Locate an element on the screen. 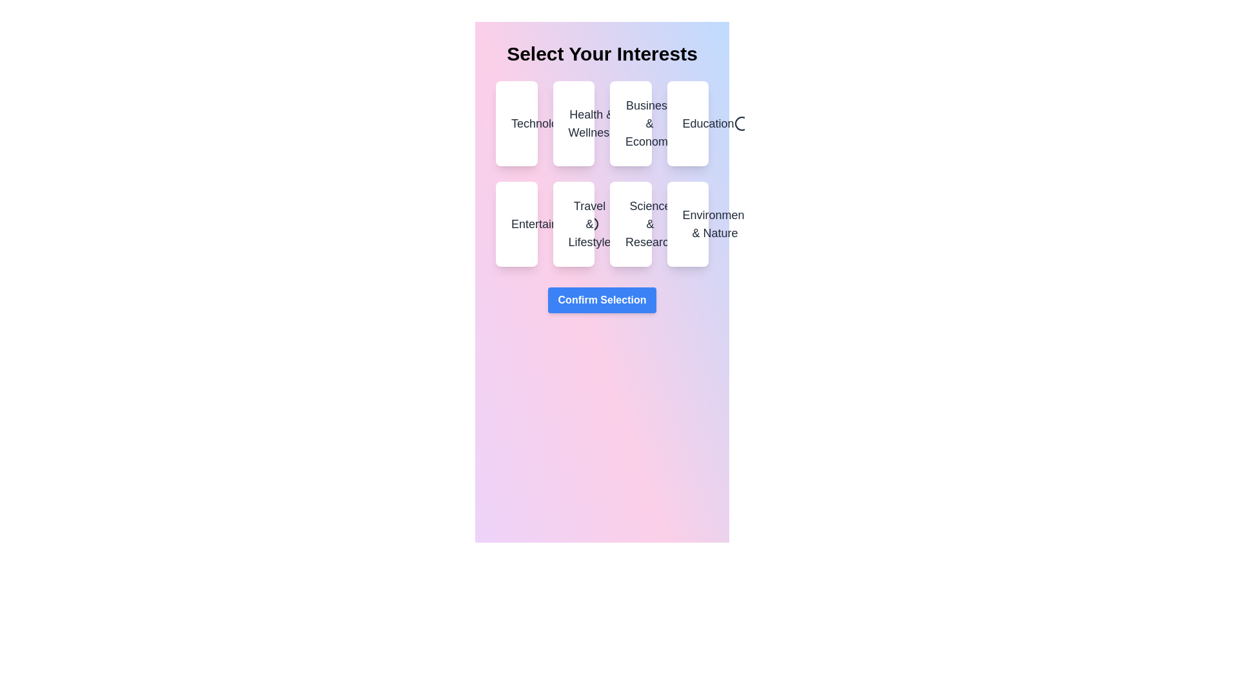 Image resolution: width=1238 pixels, height=696 pixels. the category Science & Research by clicking on it is located at coordinates (631, 223).